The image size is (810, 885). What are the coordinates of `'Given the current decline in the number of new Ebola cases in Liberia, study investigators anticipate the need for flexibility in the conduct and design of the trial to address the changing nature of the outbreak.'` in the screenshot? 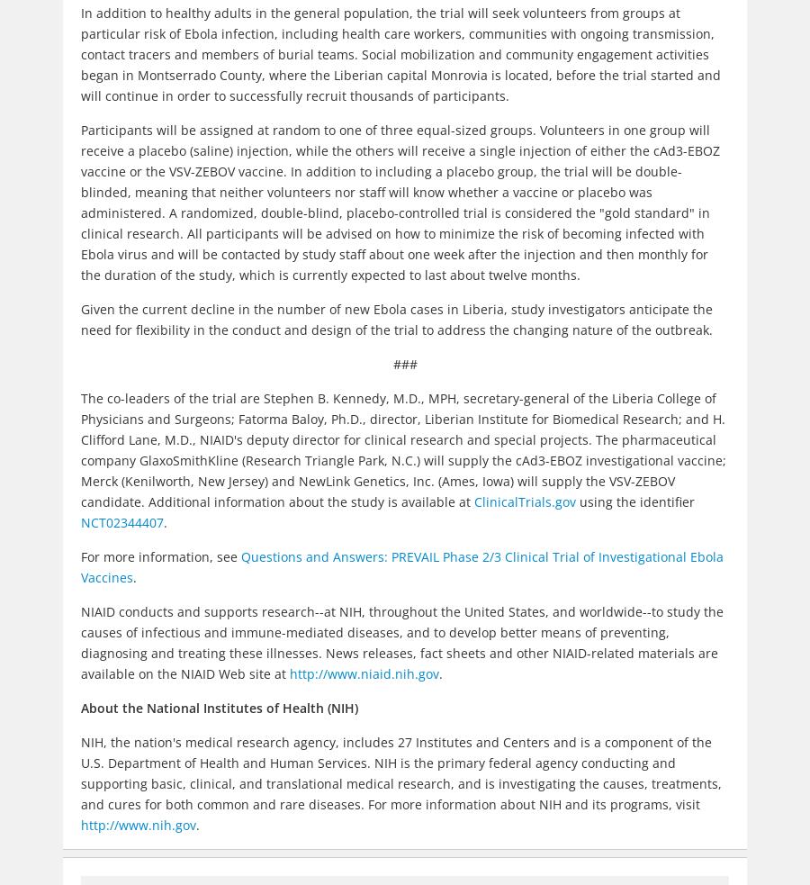 It's located at (397, 318).